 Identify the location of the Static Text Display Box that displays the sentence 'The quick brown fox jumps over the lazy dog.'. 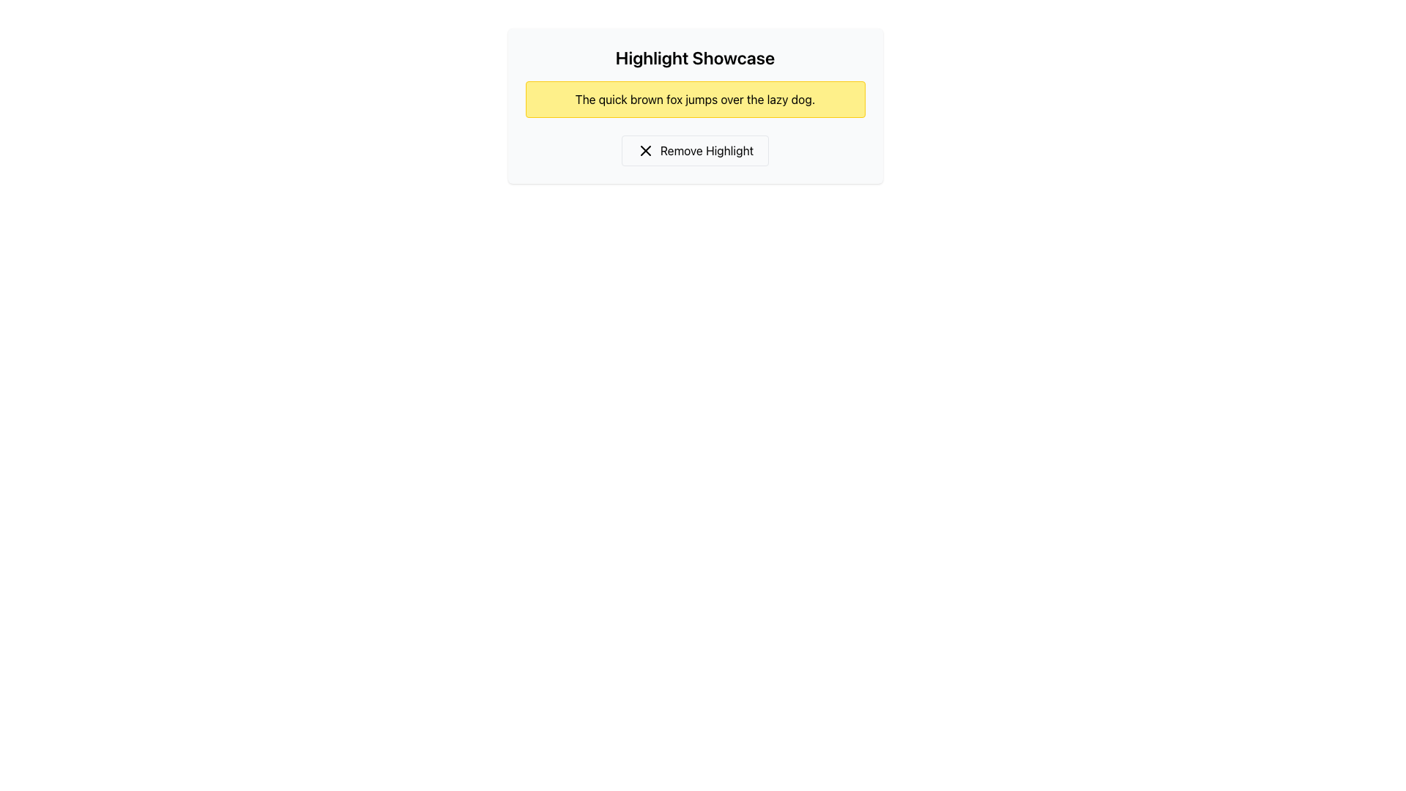
(694, 99).